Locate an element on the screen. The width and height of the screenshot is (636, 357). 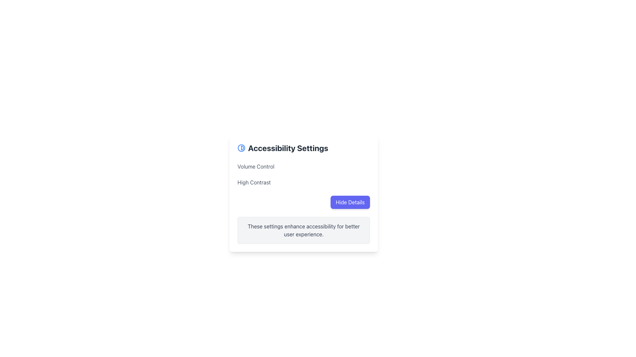
the 'Accessibility Settings' title, which is a bold and large text element located at the top of a white card layout, accompanied by a small icon on the left is located at coordinates (303, 147).